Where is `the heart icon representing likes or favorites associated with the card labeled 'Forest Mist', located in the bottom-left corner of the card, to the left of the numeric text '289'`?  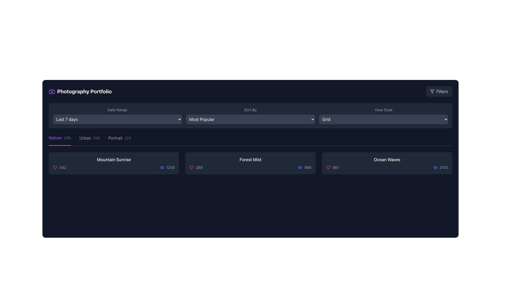
the heart icon representing likes or favorites associated with the card labeled 'Forest Mist', located in the bottom-left corner of the card, to the left of the numeric text '289' is located at coordinates (191, 167).